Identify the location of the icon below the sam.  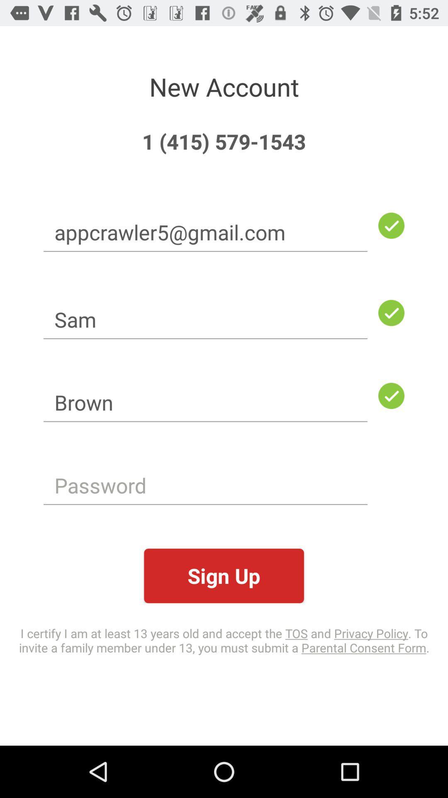
(205, 402).